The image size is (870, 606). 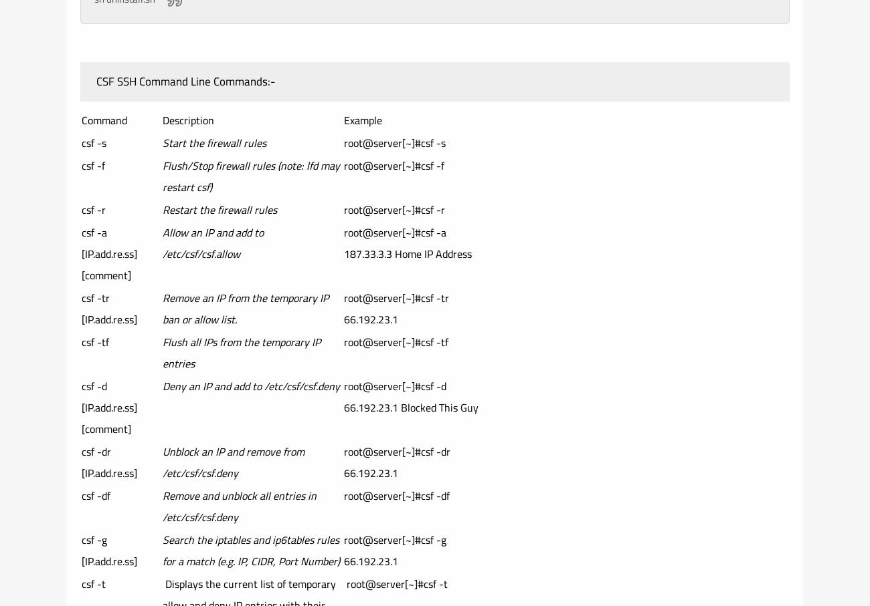 I want to click on 'root@server[~]#csf -s', so click(x=394, y=142).